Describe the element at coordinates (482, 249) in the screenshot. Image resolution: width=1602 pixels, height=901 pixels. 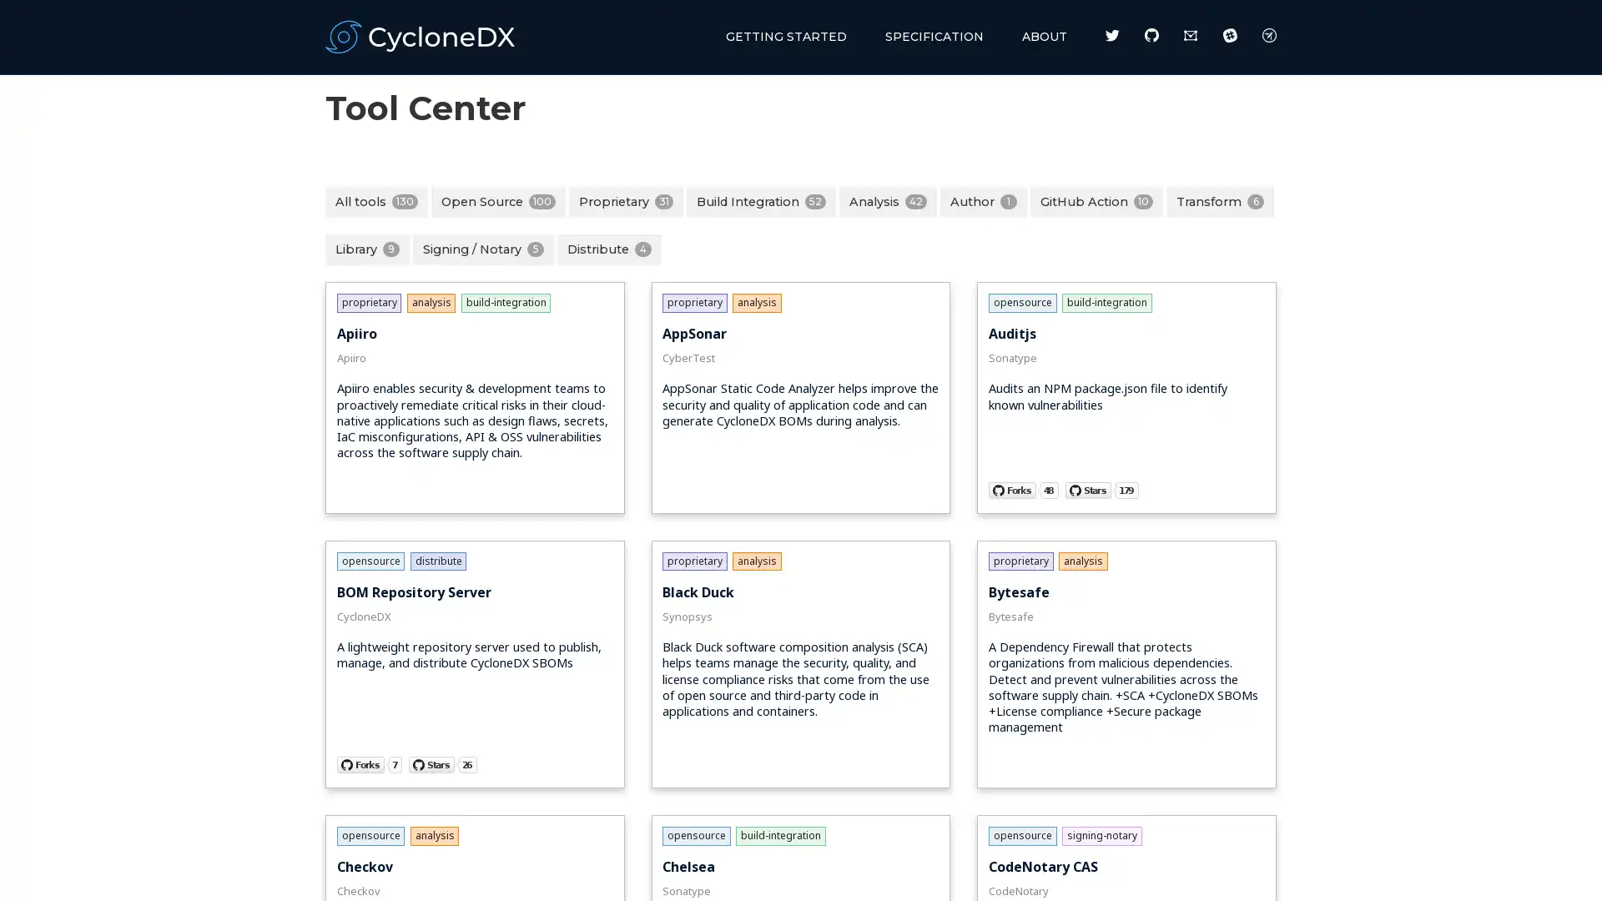
I see `Signing / Notary 5` at that location.